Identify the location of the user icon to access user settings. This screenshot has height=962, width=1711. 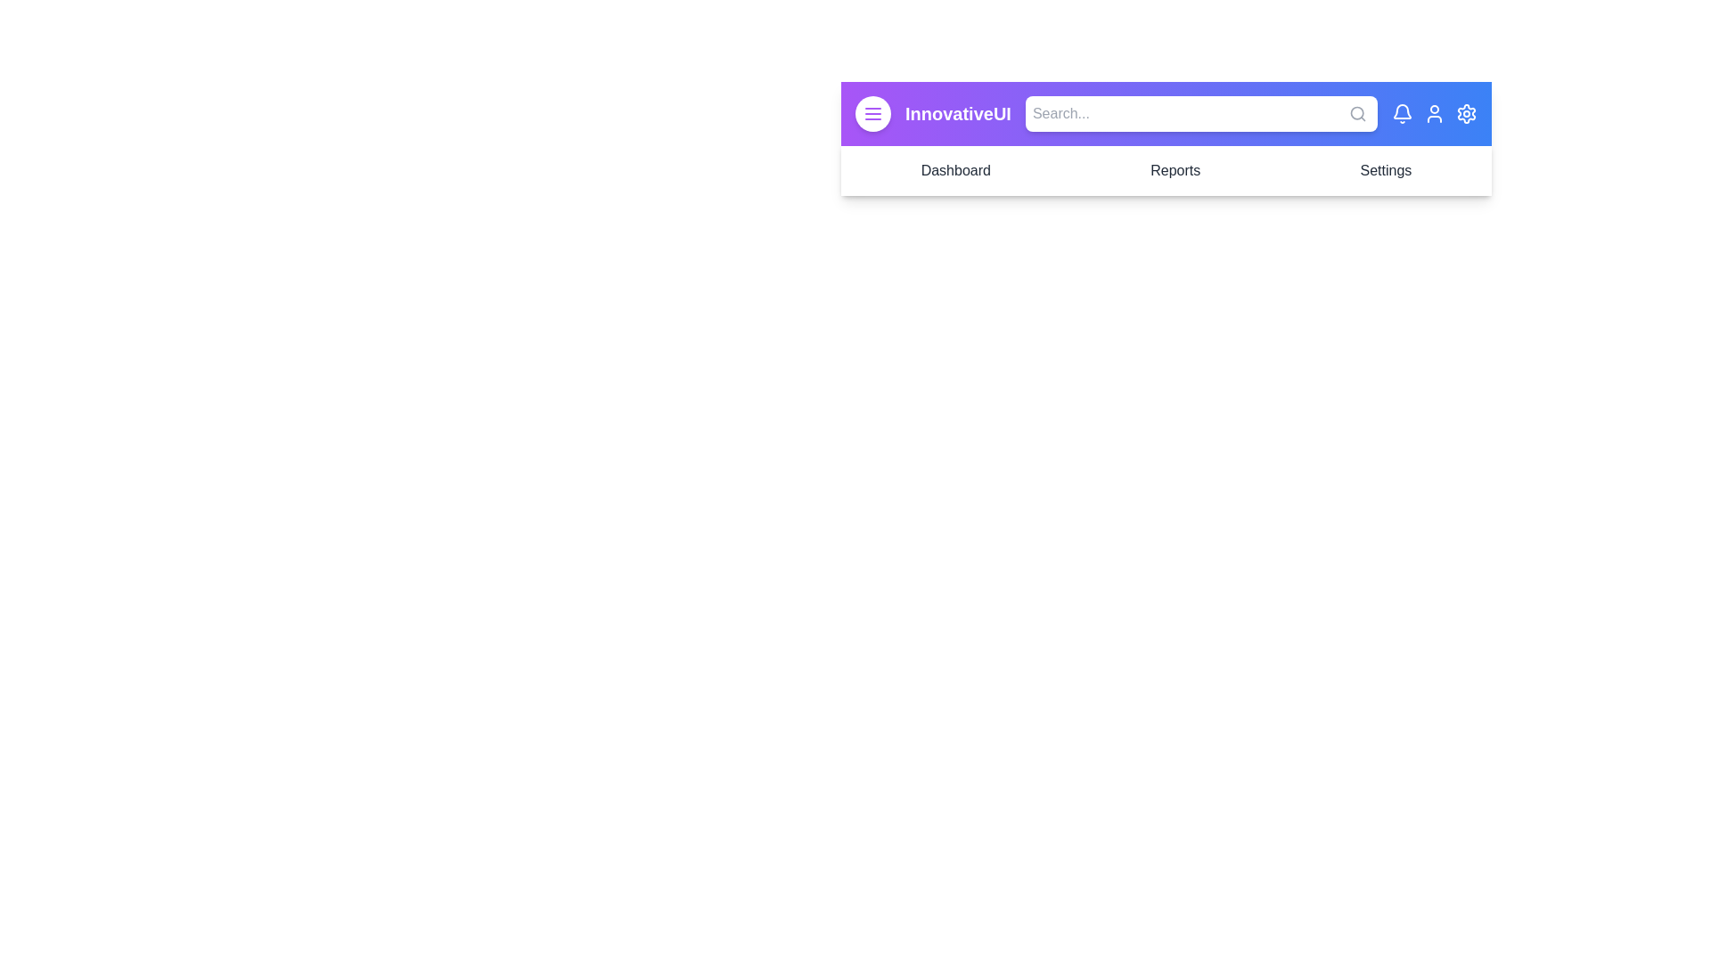
(1434, 113).